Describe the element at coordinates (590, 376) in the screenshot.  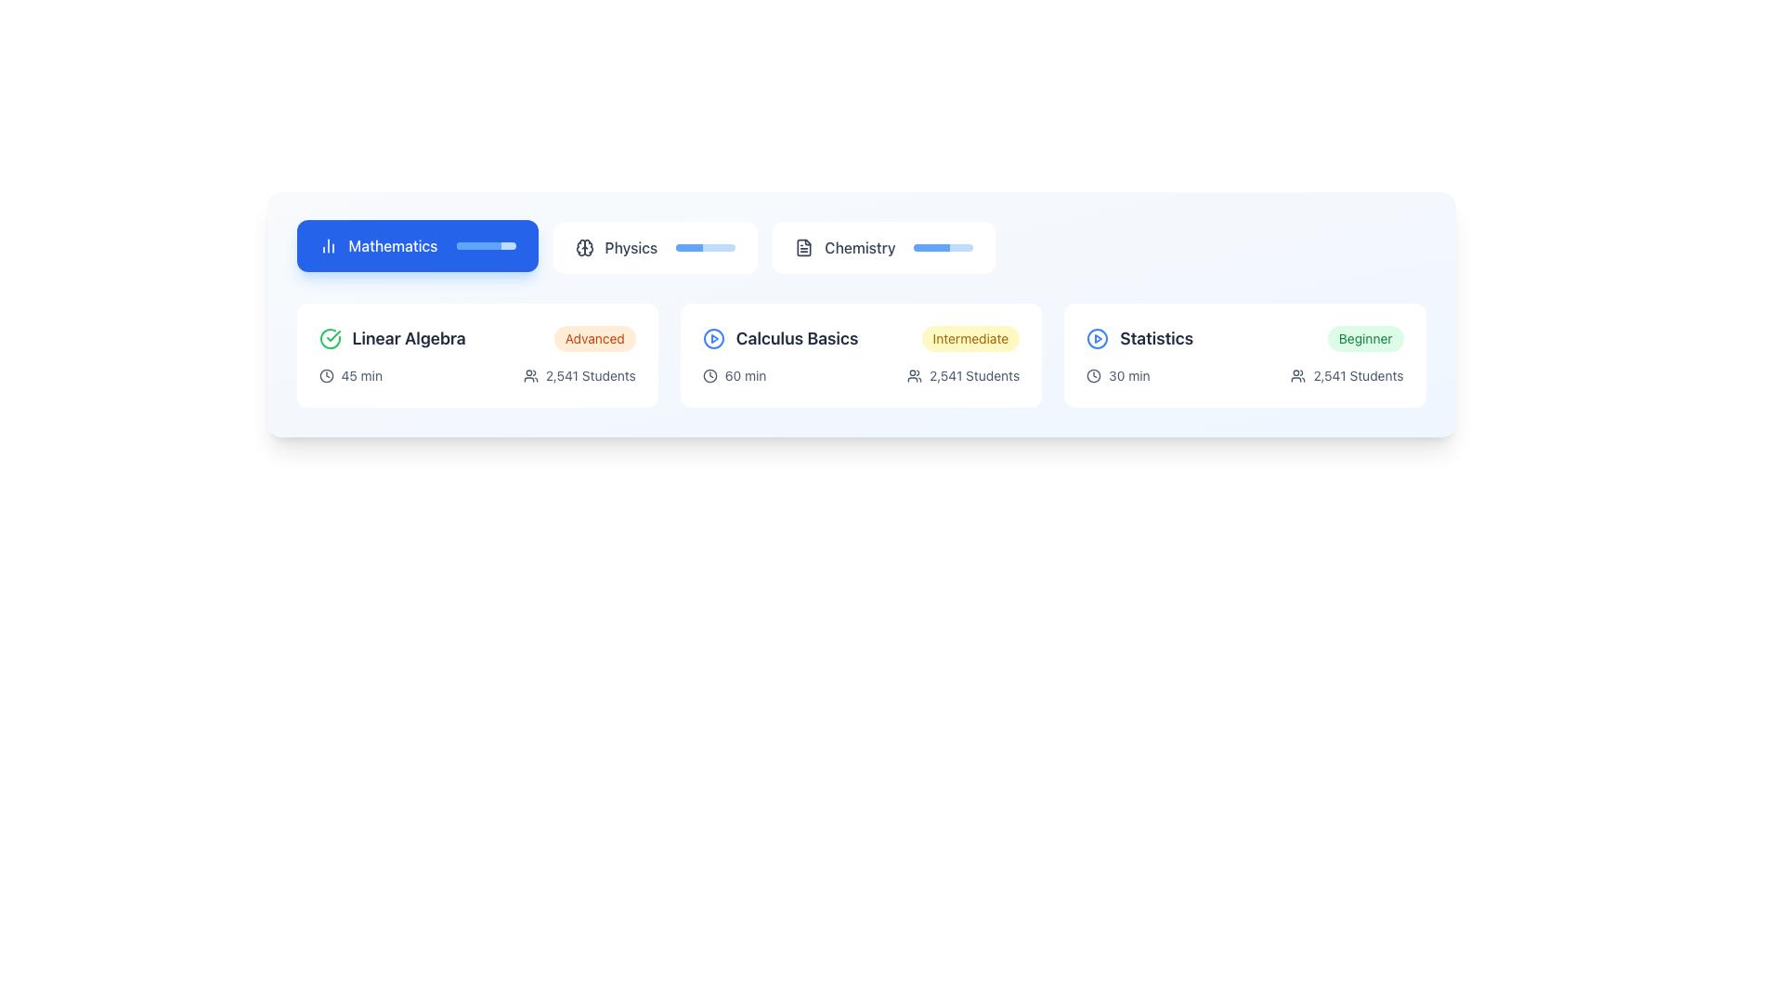
I see `the static text label displaying '2,541 Students', located in the lower portion of the 'Linear Algebra' card, to the right of the users icon` at that location.